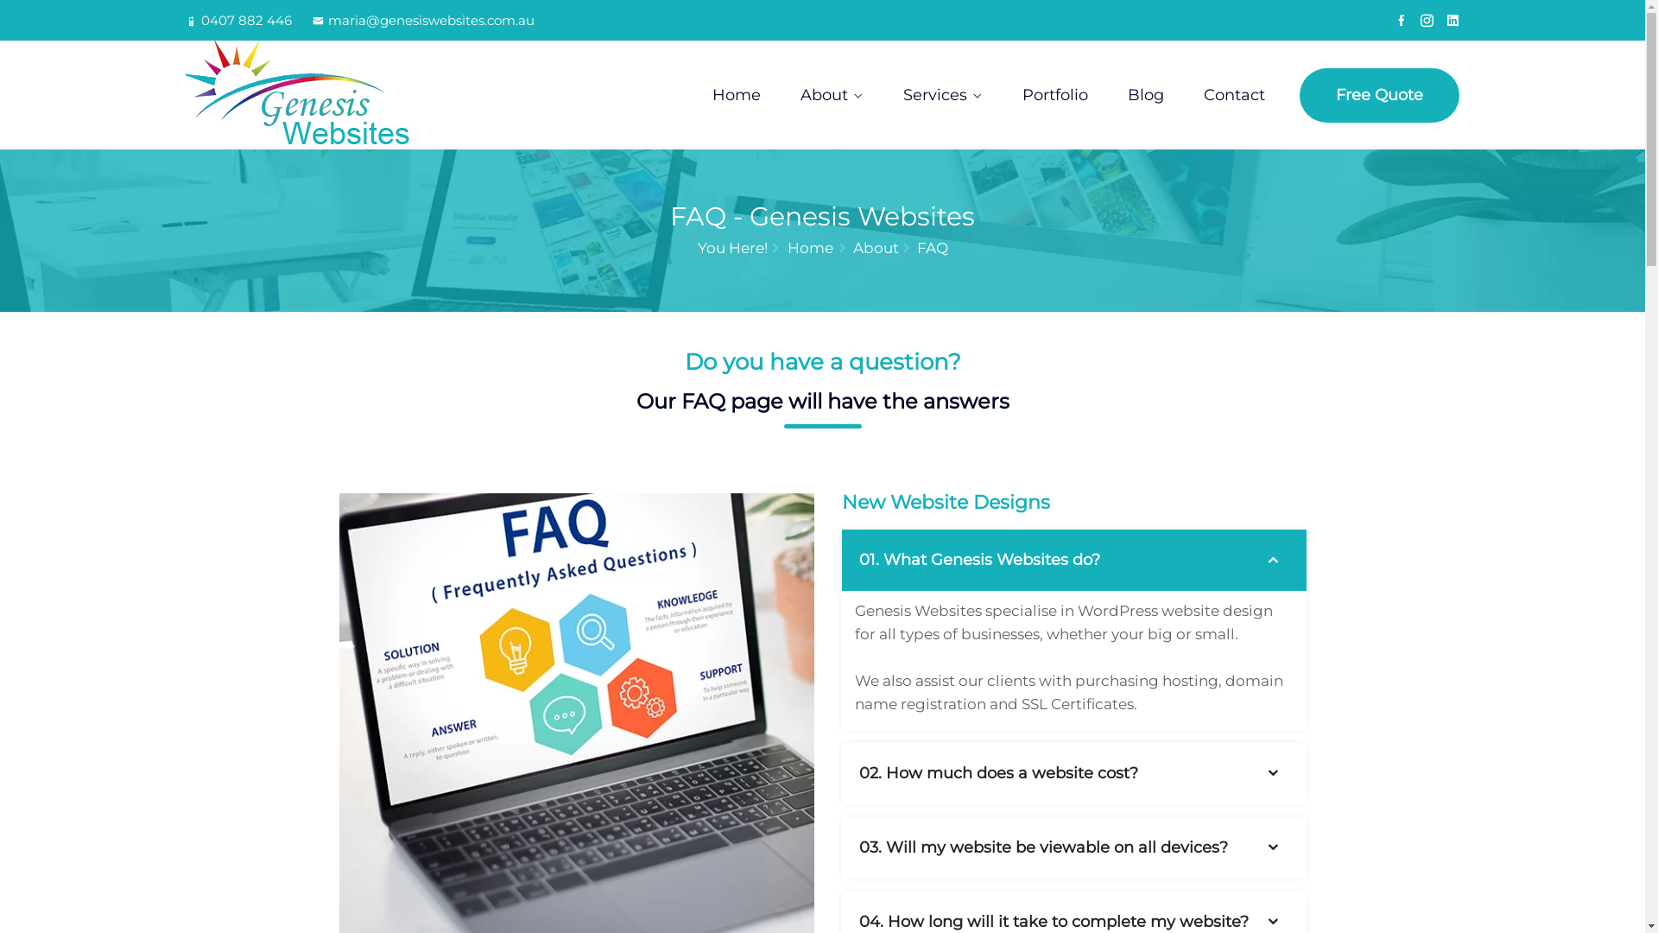  Describe the element at coordinates (809, 247) in the screenshot. I see `'Home'` at that location.